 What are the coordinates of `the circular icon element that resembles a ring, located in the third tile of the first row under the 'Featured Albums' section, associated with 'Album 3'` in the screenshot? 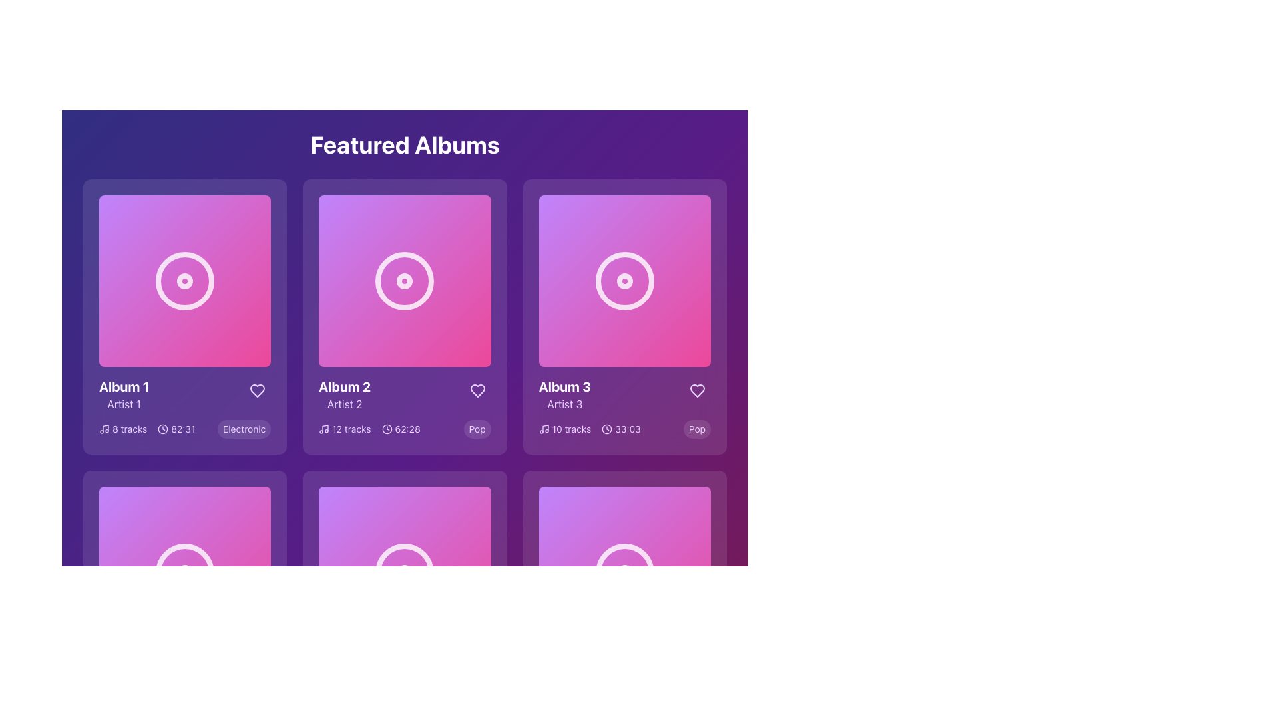 It's located at (624, 281).